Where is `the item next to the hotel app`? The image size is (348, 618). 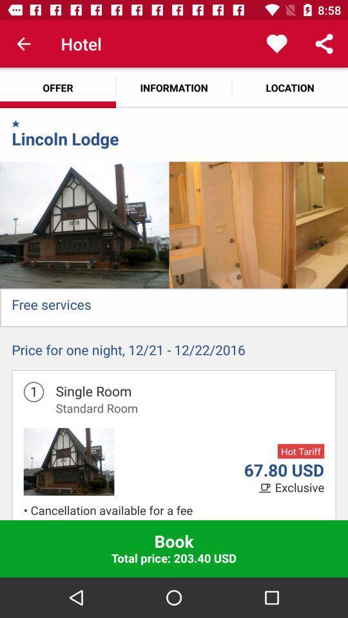
the item next to the hotel app is located at coordinates (23, 44).